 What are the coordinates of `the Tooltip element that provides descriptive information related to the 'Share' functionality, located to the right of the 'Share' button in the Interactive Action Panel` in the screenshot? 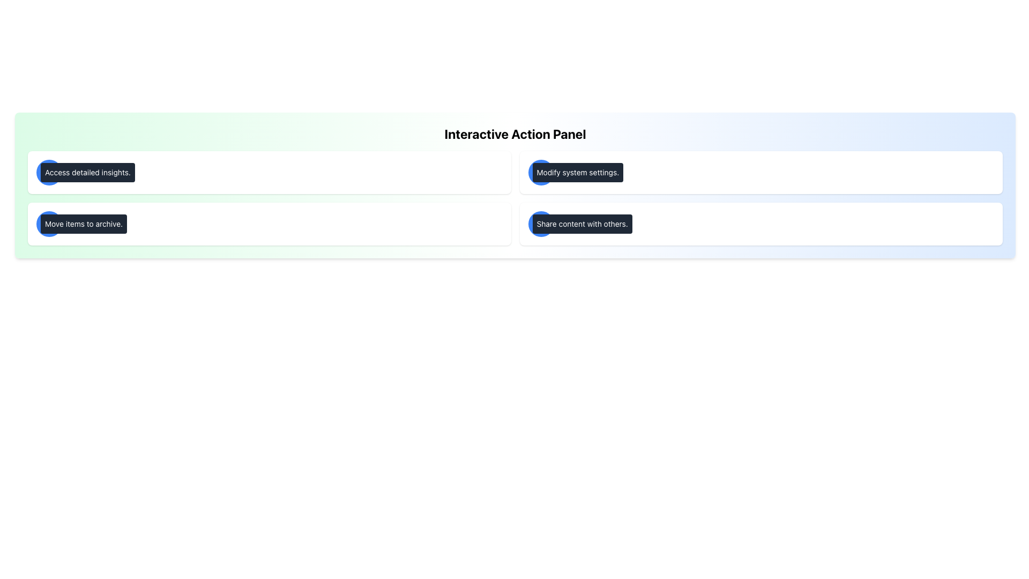 It's located at (581, 223).